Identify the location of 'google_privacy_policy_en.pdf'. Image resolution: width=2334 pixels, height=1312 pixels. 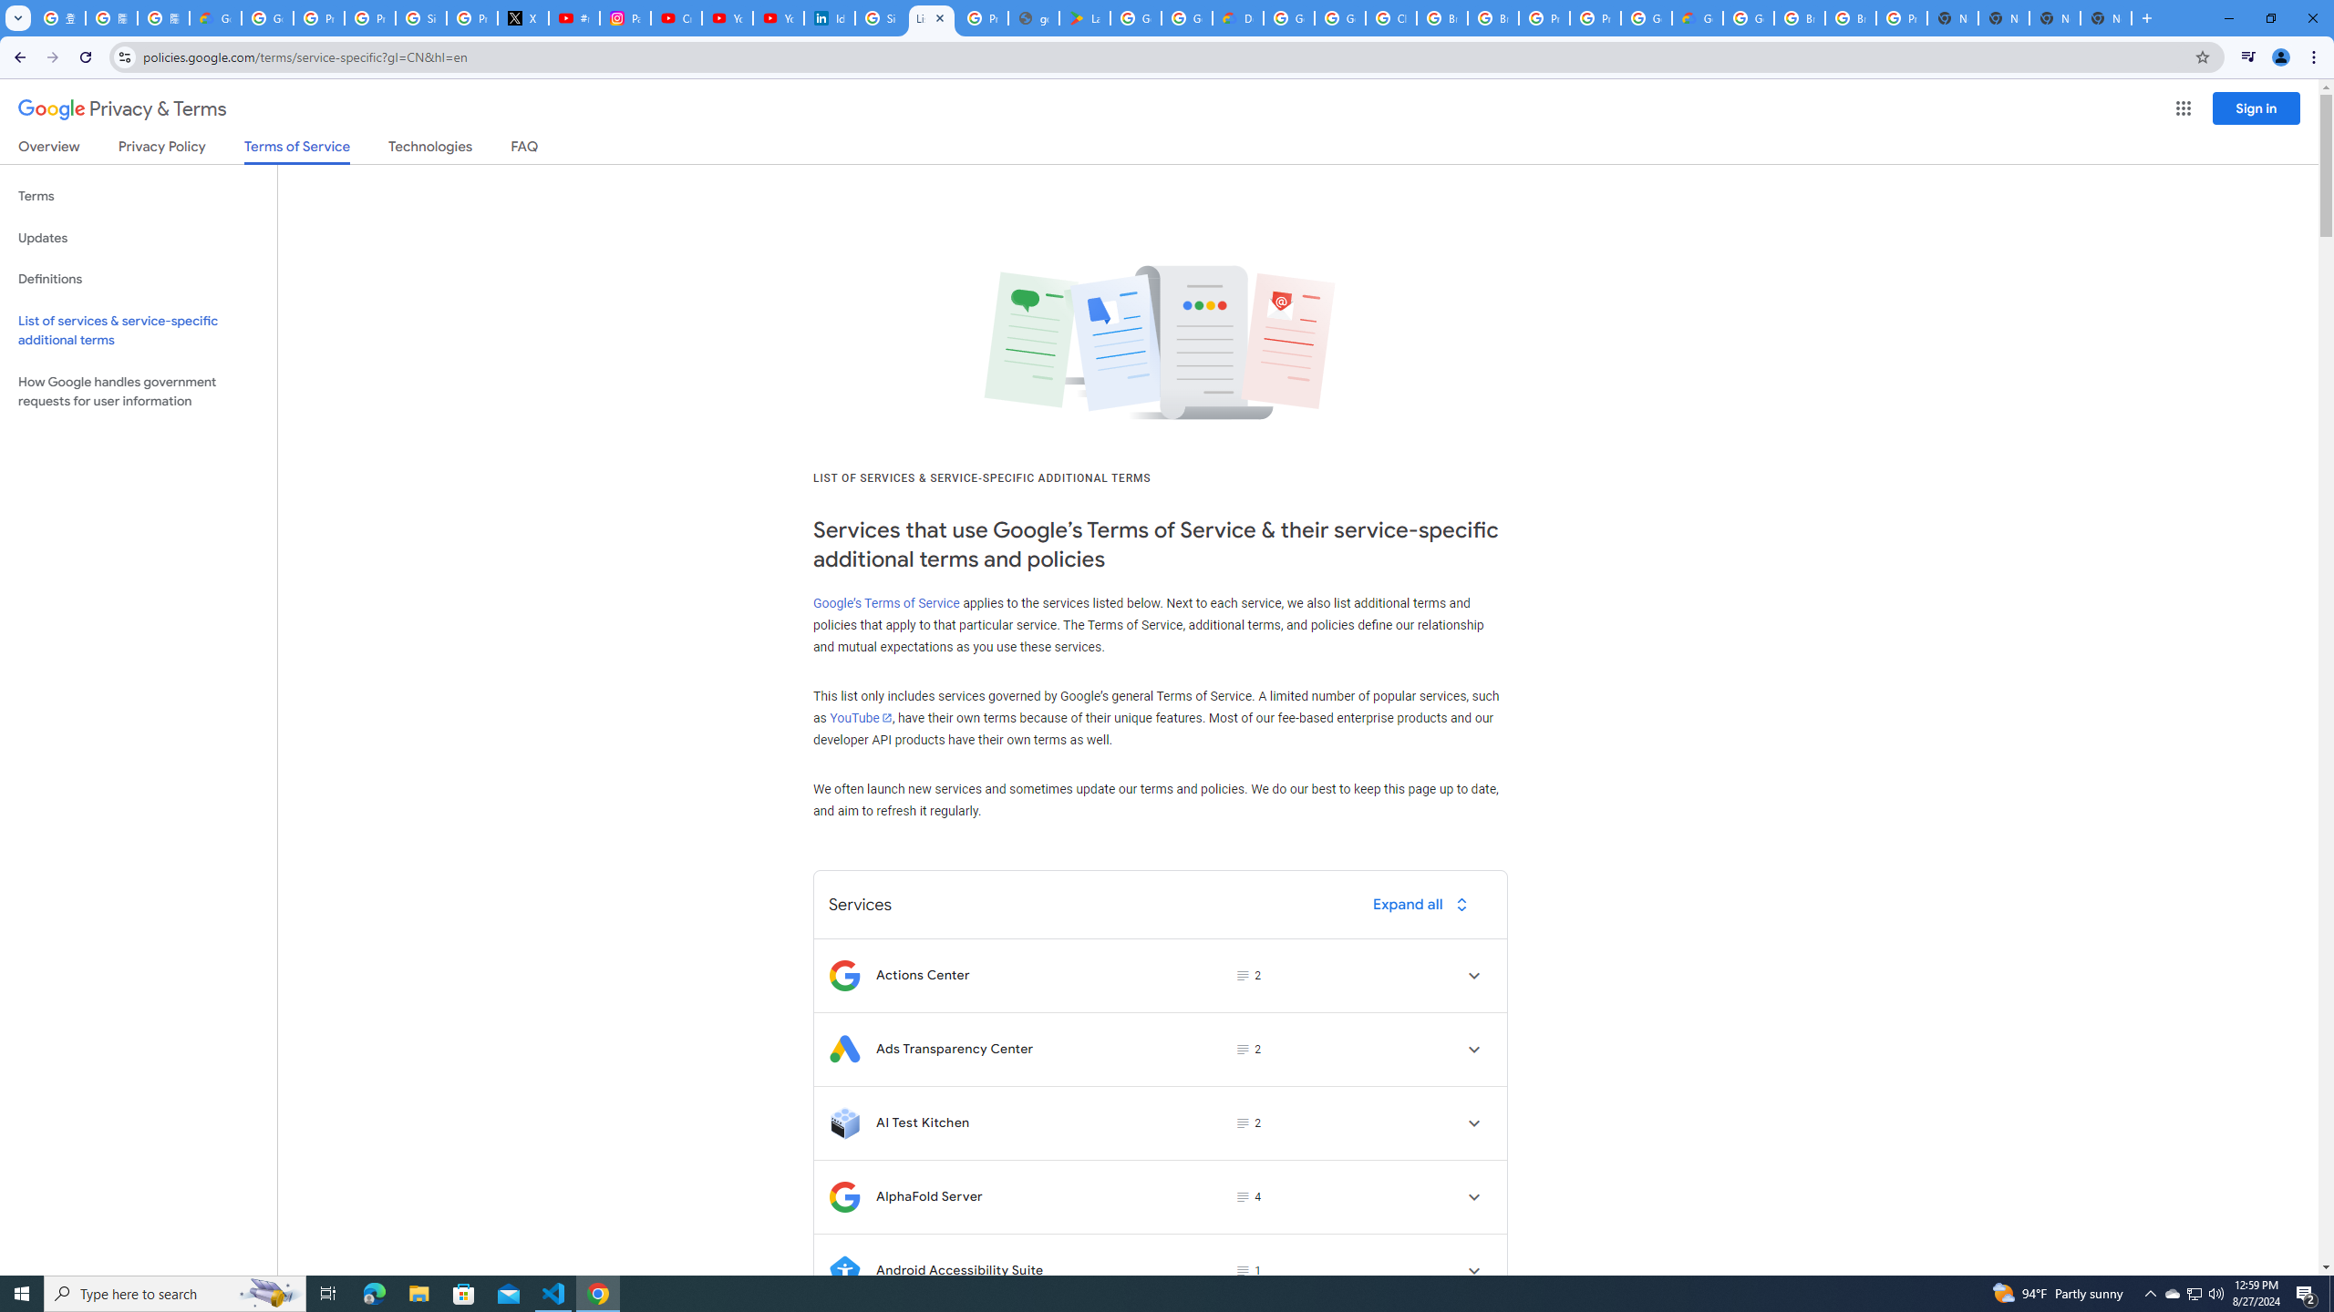
(1033, 17).